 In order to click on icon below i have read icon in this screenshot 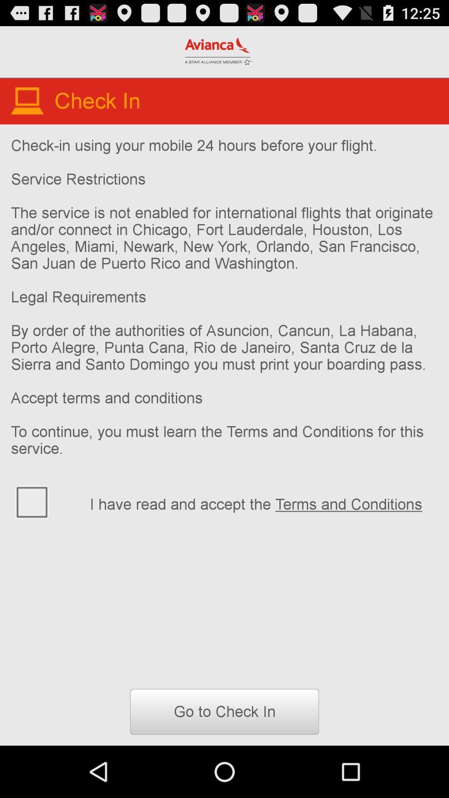, I will do `click(224, 711)`.